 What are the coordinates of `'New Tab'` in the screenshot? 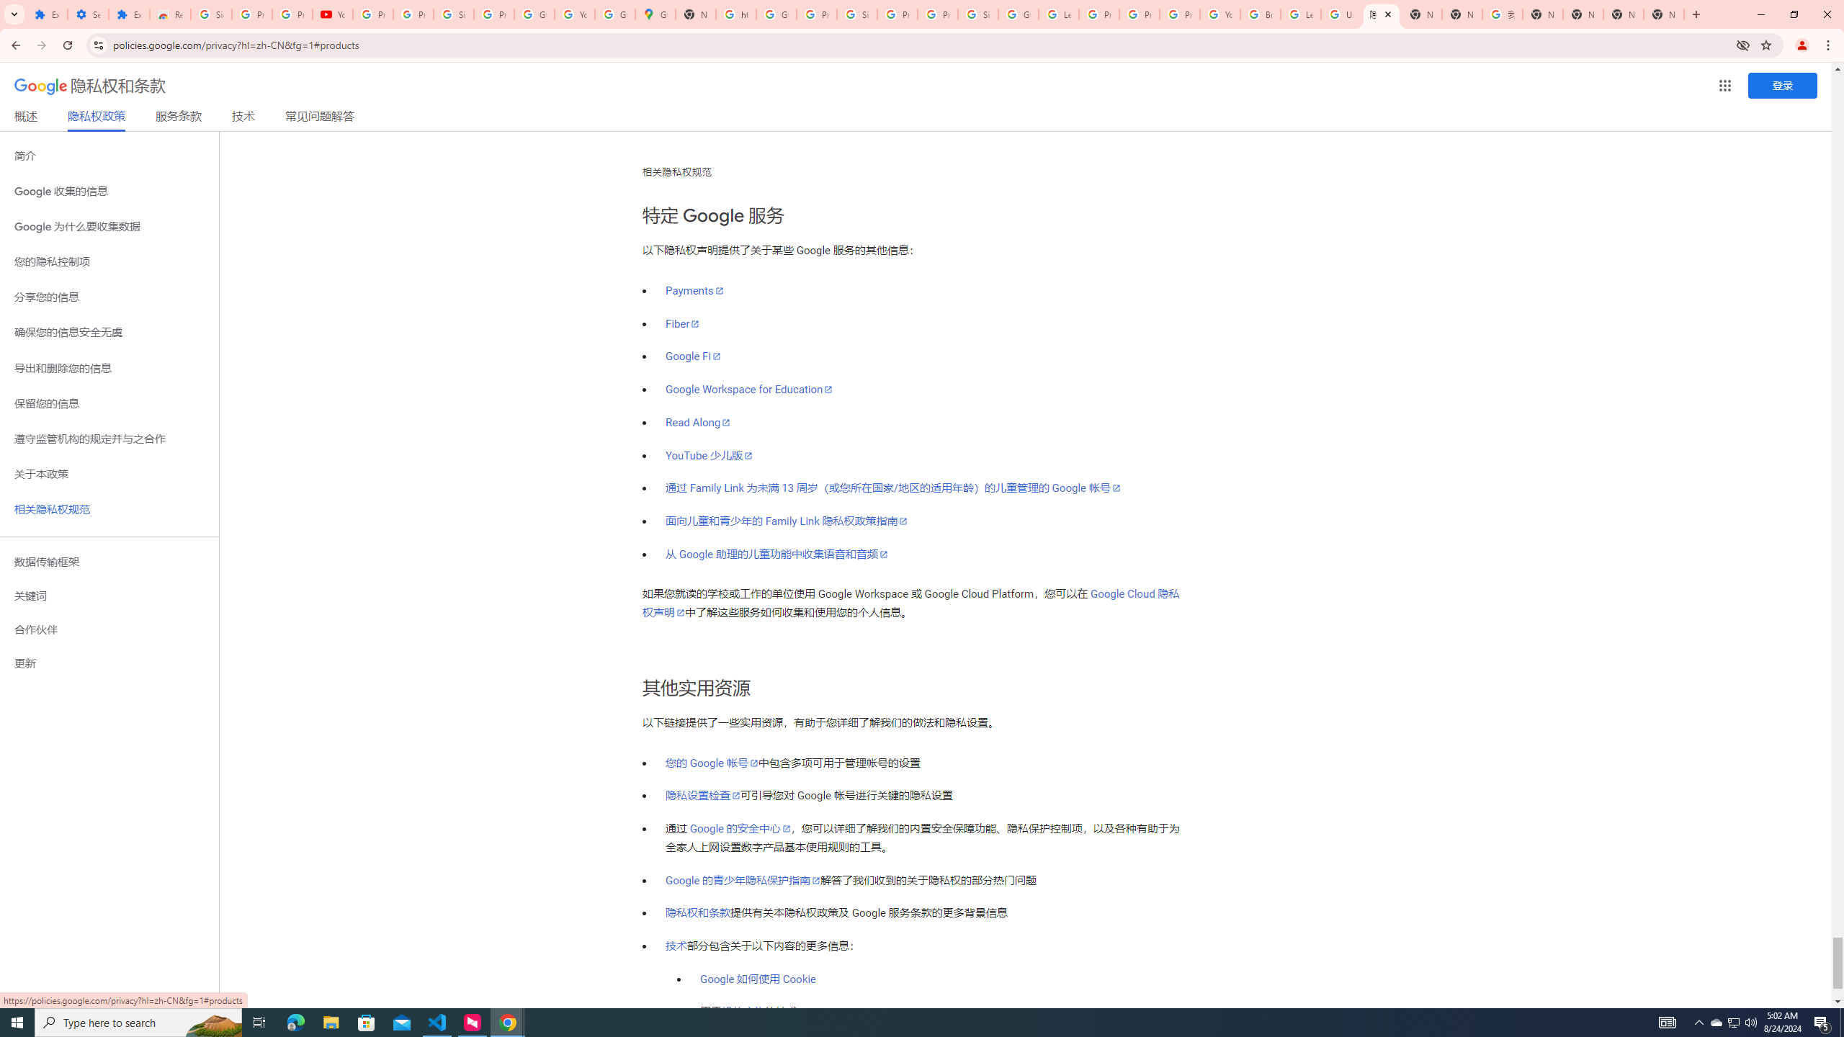 It's located at (1664, 14).